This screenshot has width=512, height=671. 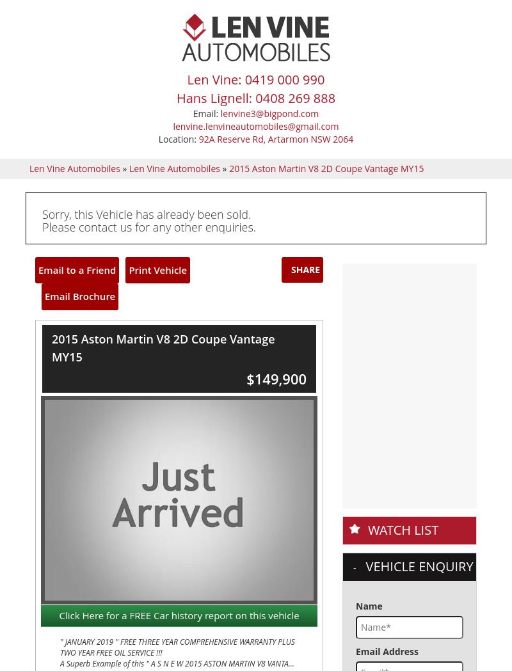 What do you see at coordinates (64, 49) in the screenshot?
I see `'Reg Plate'` at bounding box center [64, 49].